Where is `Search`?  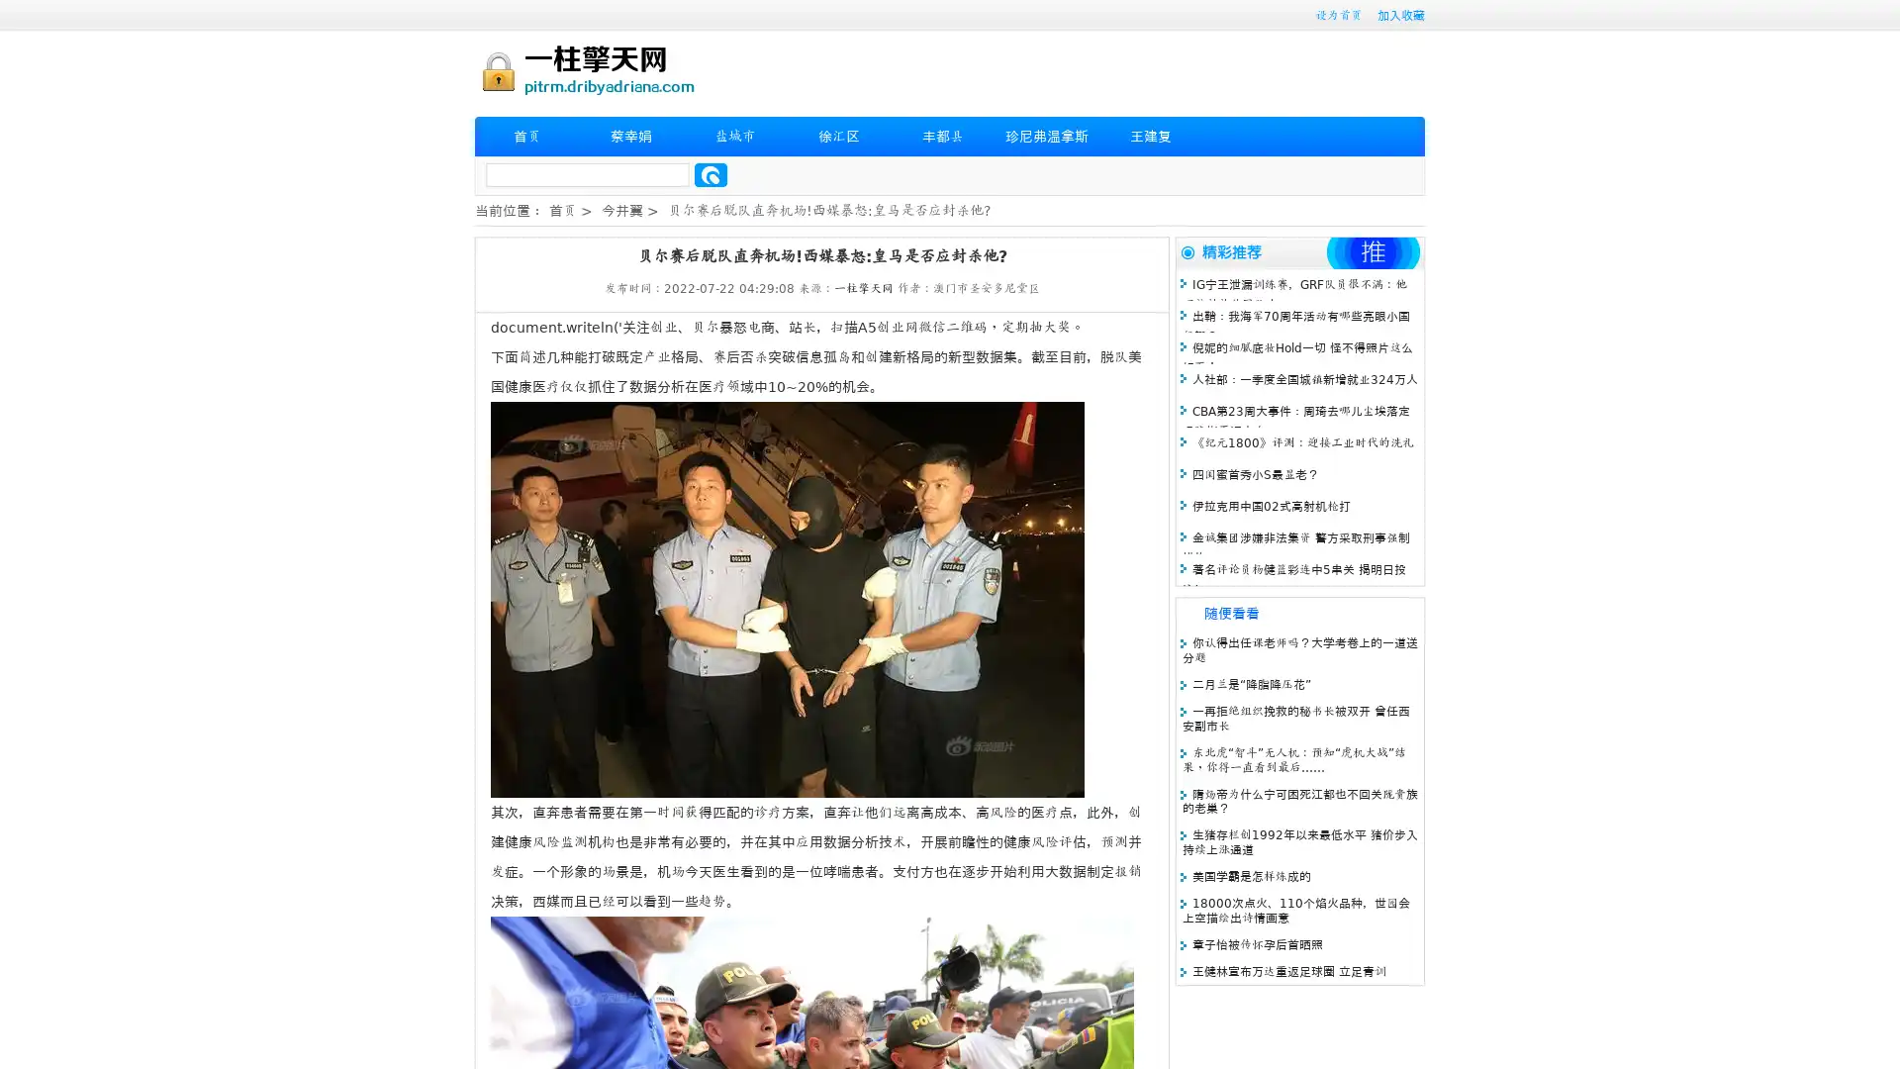
Search is located at coordinates (711, 174).